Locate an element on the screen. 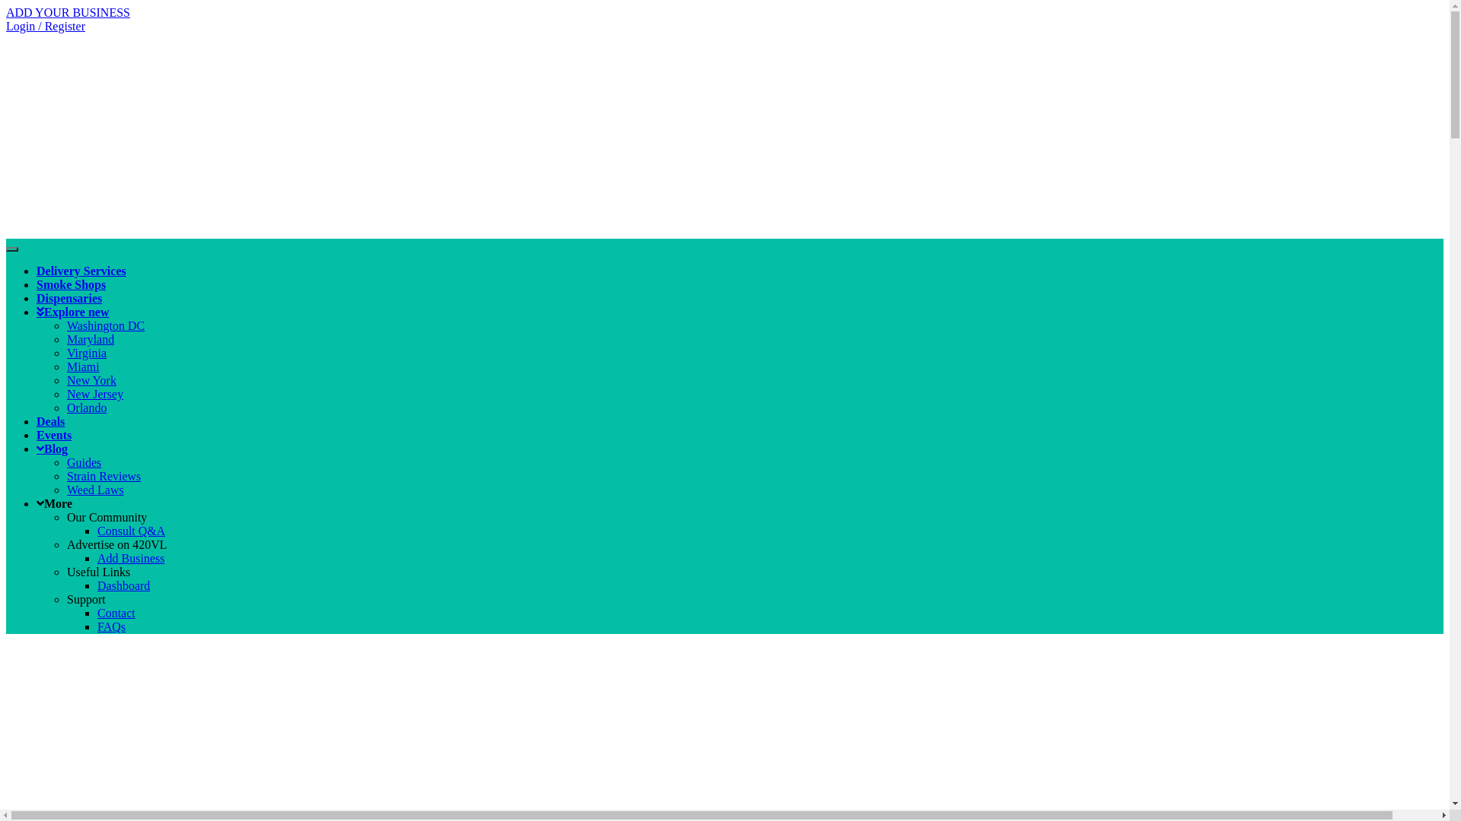 The height and width of the screenshot is (821, 1461). 'Add Business' is located at coordinates (131, 558).